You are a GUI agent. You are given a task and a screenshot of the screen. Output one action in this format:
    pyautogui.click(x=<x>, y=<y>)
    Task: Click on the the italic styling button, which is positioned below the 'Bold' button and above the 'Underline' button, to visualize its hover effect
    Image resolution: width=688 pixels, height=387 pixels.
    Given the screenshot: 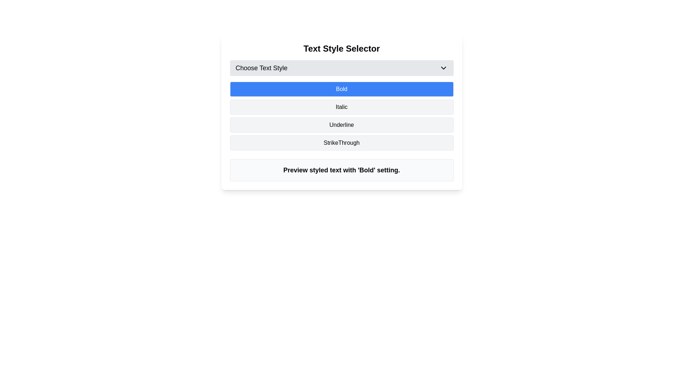 What is the action you would take?
    pyautogui.click(x=341, y=107)
    